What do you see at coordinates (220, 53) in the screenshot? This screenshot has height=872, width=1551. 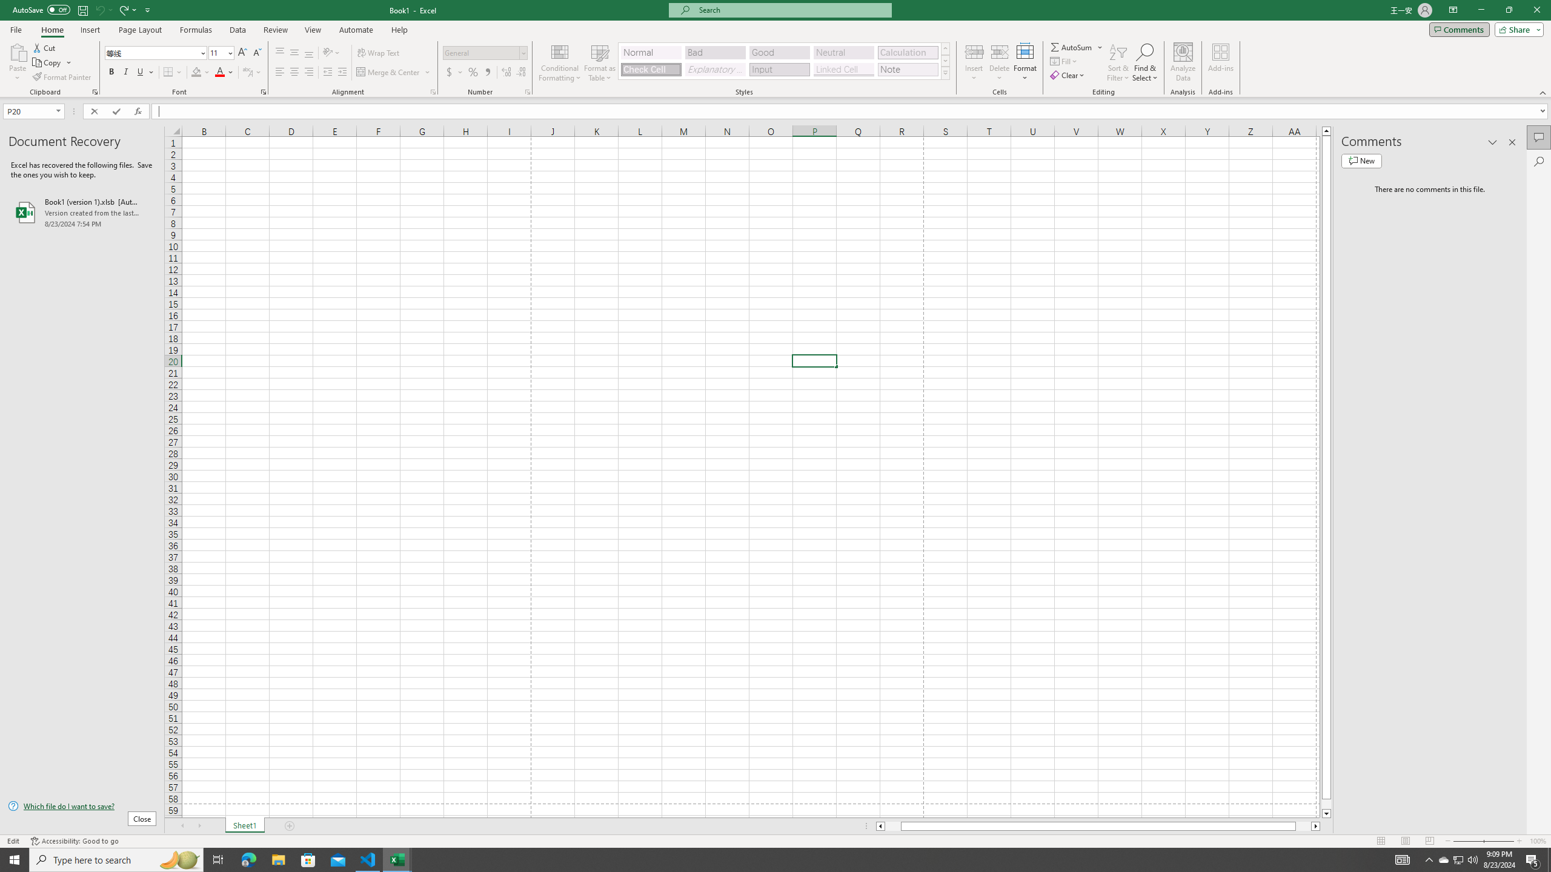 I see `'Font Size'` at bounding box center [220, 53].